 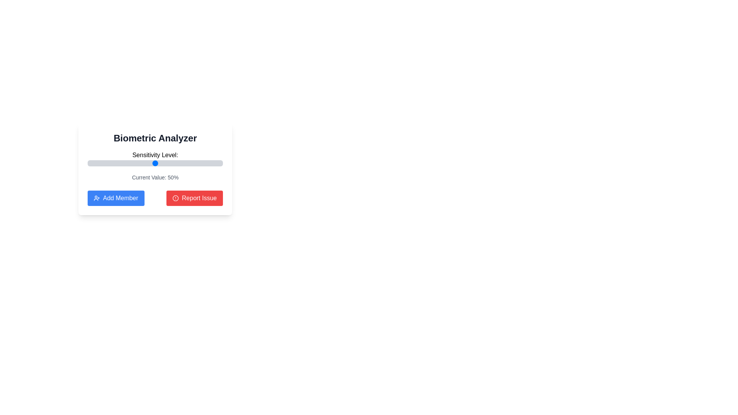 I want to click on the text label reading 'Biometric Analyzer' which is prominently displayed in bold at the top of the card layout, so click(x=155, y=138).